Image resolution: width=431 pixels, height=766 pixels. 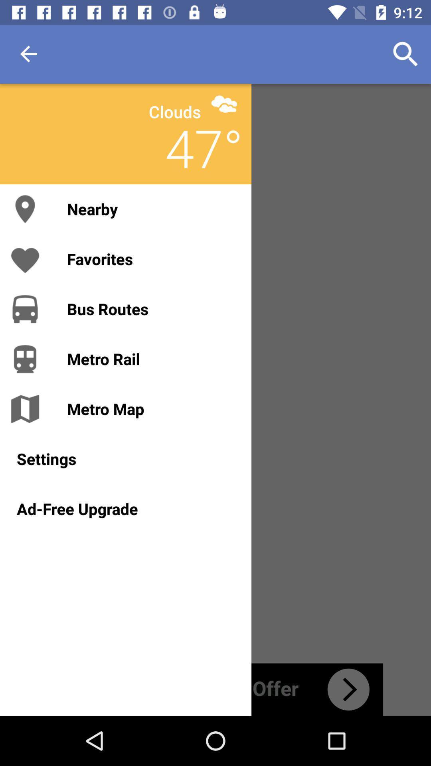 What do you see at coordinates (215, 689) in the screenshot?
I see `offer` at bounding box center [215, 689].